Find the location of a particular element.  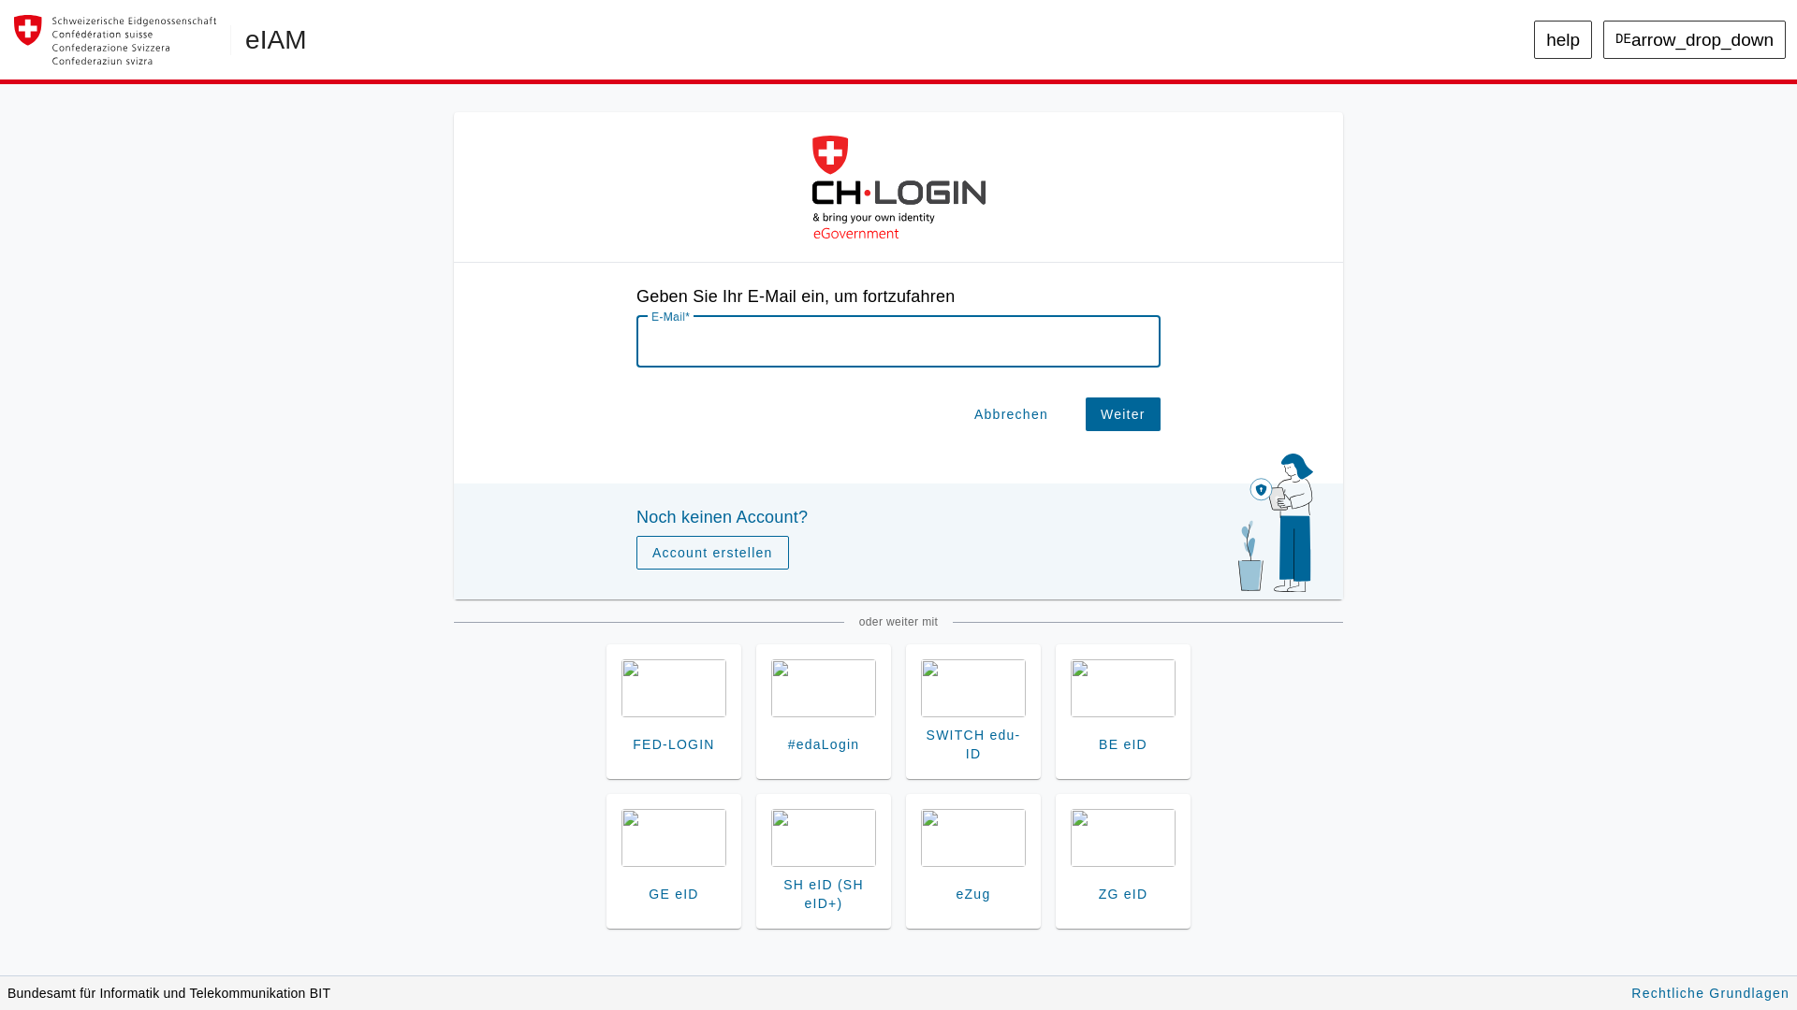

'arrow_drop_down' is located at coordinates (1702, 39).